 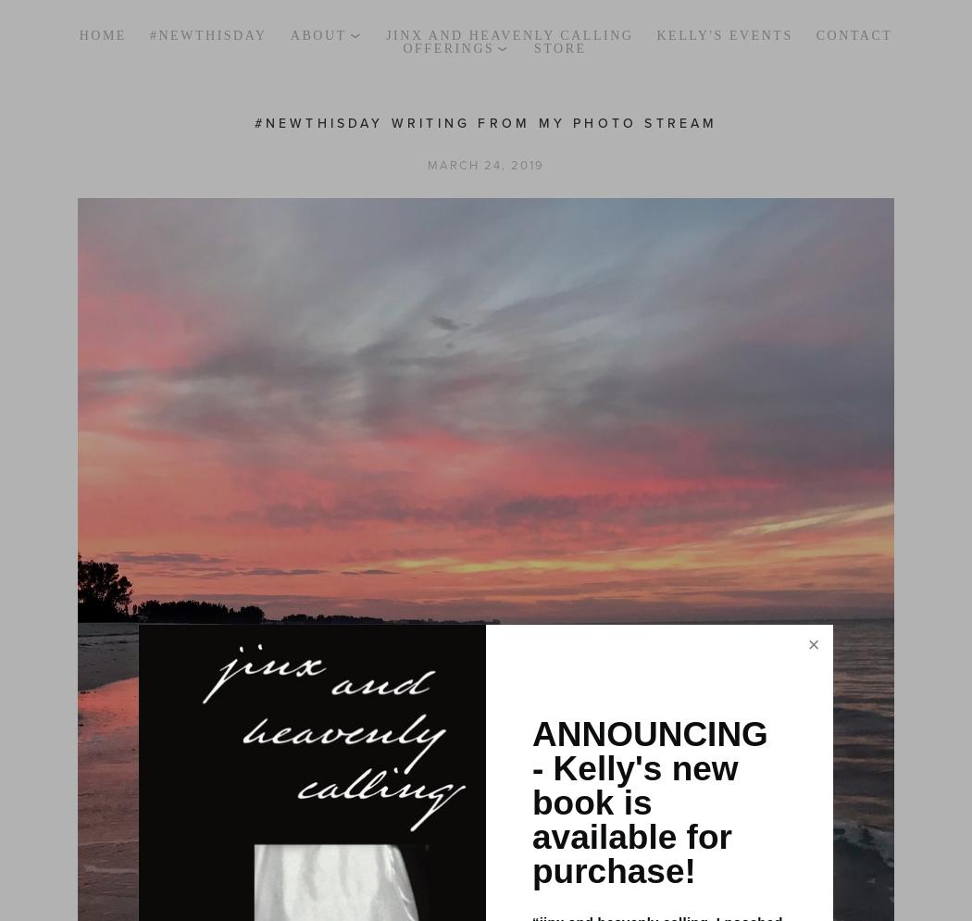 I want to click on 'Farm Pond Writer's Collective', so click(x=544, y=323).